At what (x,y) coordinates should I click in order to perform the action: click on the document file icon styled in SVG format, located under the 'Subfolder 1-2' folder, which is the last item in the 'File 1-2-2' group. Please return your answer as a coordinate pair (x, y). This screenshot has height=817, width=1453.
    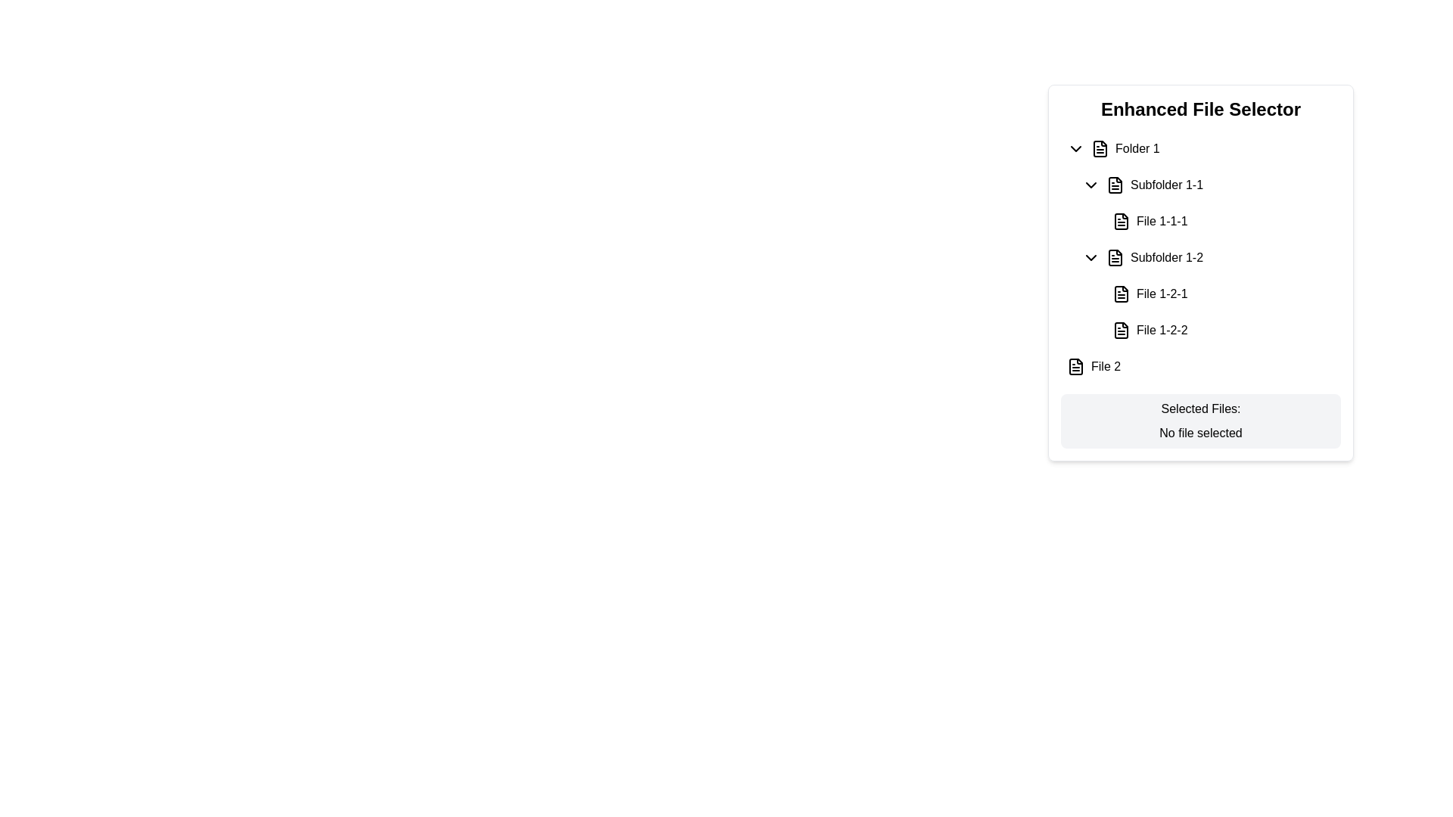
    Looking at the image, I should click on (1122, 329).